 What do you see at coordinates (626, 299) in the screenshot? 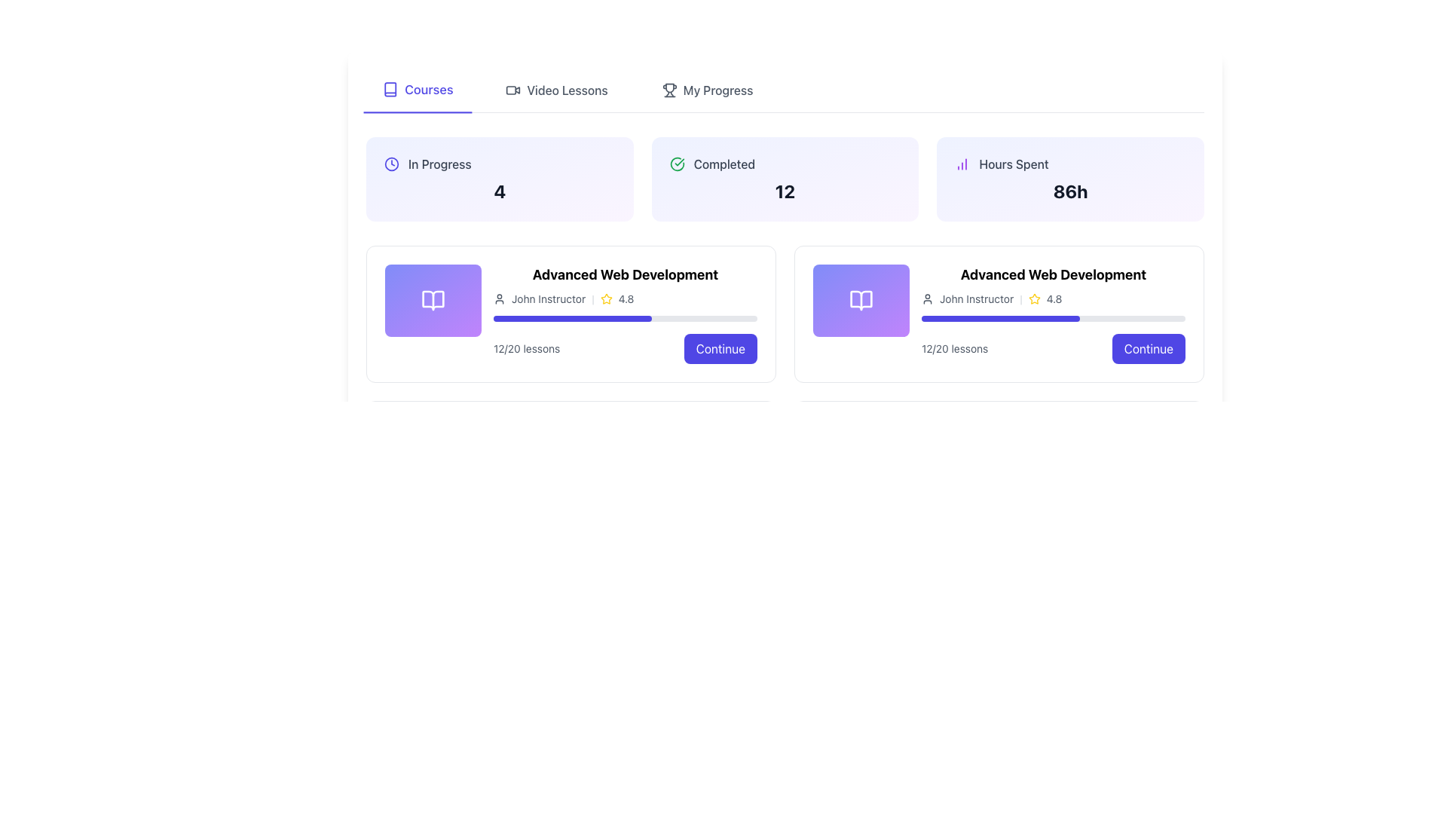
I see `the static text label displaying the numerical rating '4.8' located adjacent to a yellow star icon, which is part of the course instructor details for 'John Instructor'` at bounding box center [626, 299].